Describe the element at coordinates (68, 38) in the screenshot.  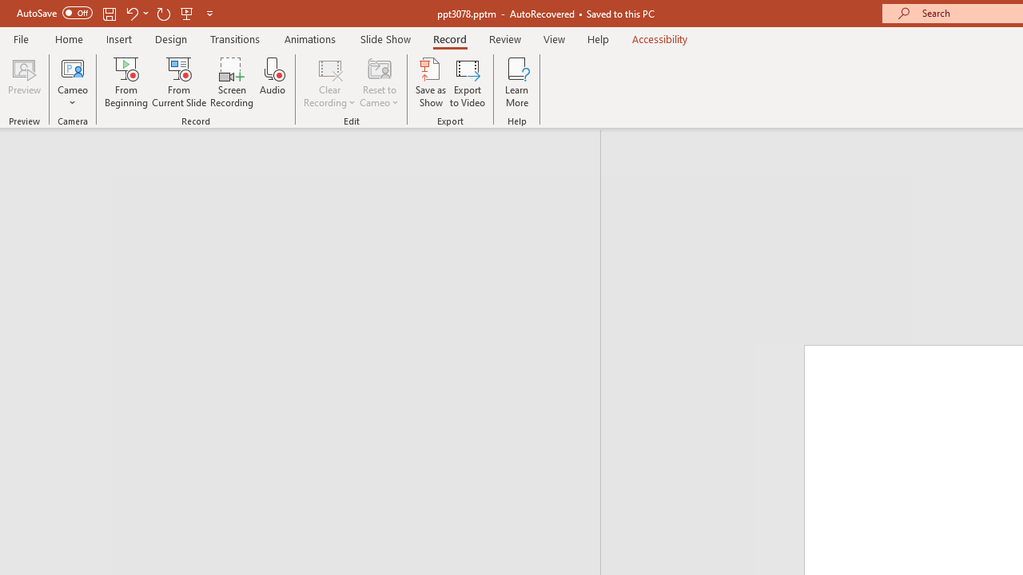
I see `'Home'` at that location.